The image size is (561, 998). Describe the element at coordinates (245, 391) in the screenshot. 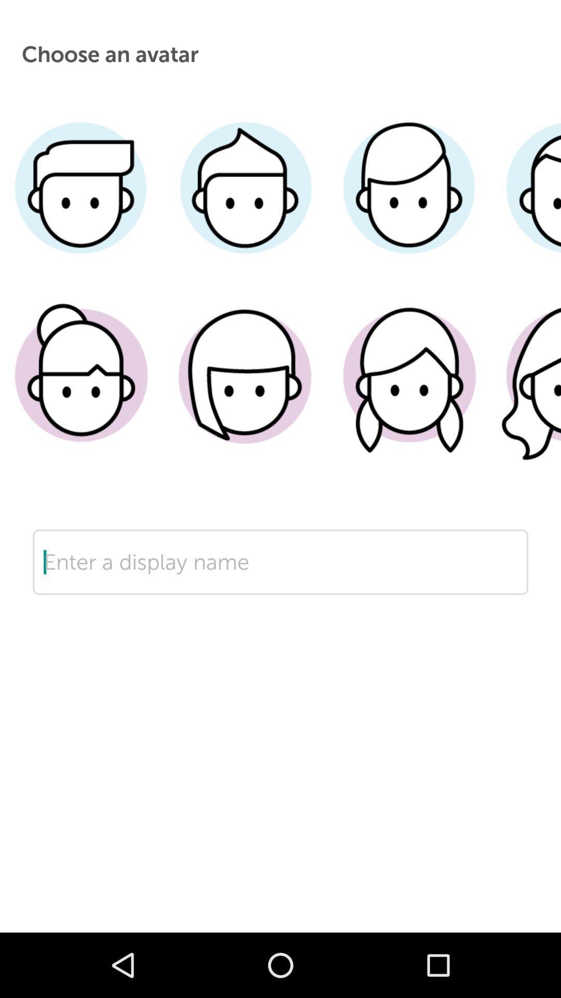

I see `pick avatar` at that location.